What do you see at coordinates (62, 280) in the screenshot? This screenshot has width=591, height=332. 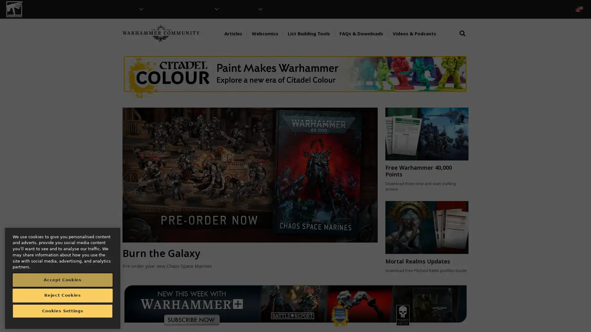 I see `Accept Cookies` at bounding box center [62, 280].